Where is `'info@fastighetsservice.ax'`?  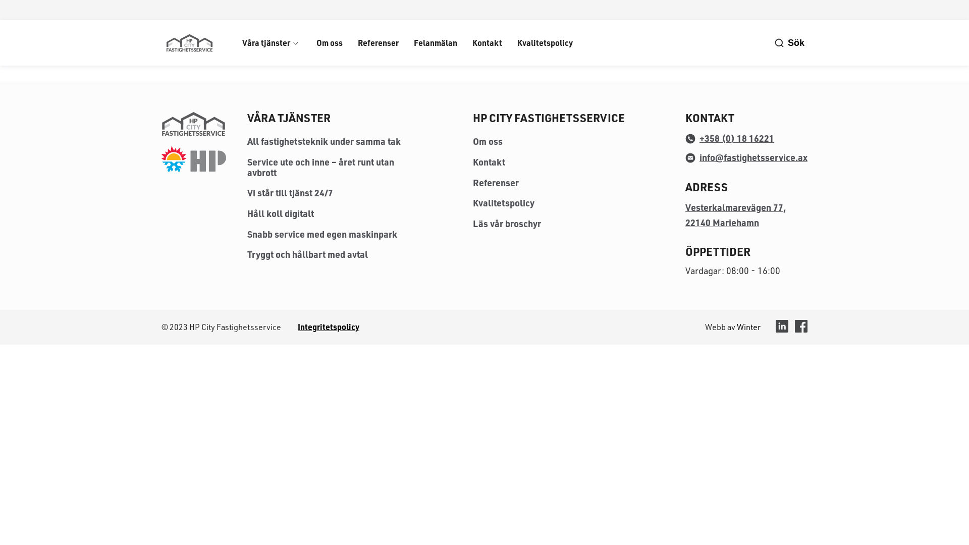
'info@fastighetsservice.ax' is located at coordinates (746, 157).